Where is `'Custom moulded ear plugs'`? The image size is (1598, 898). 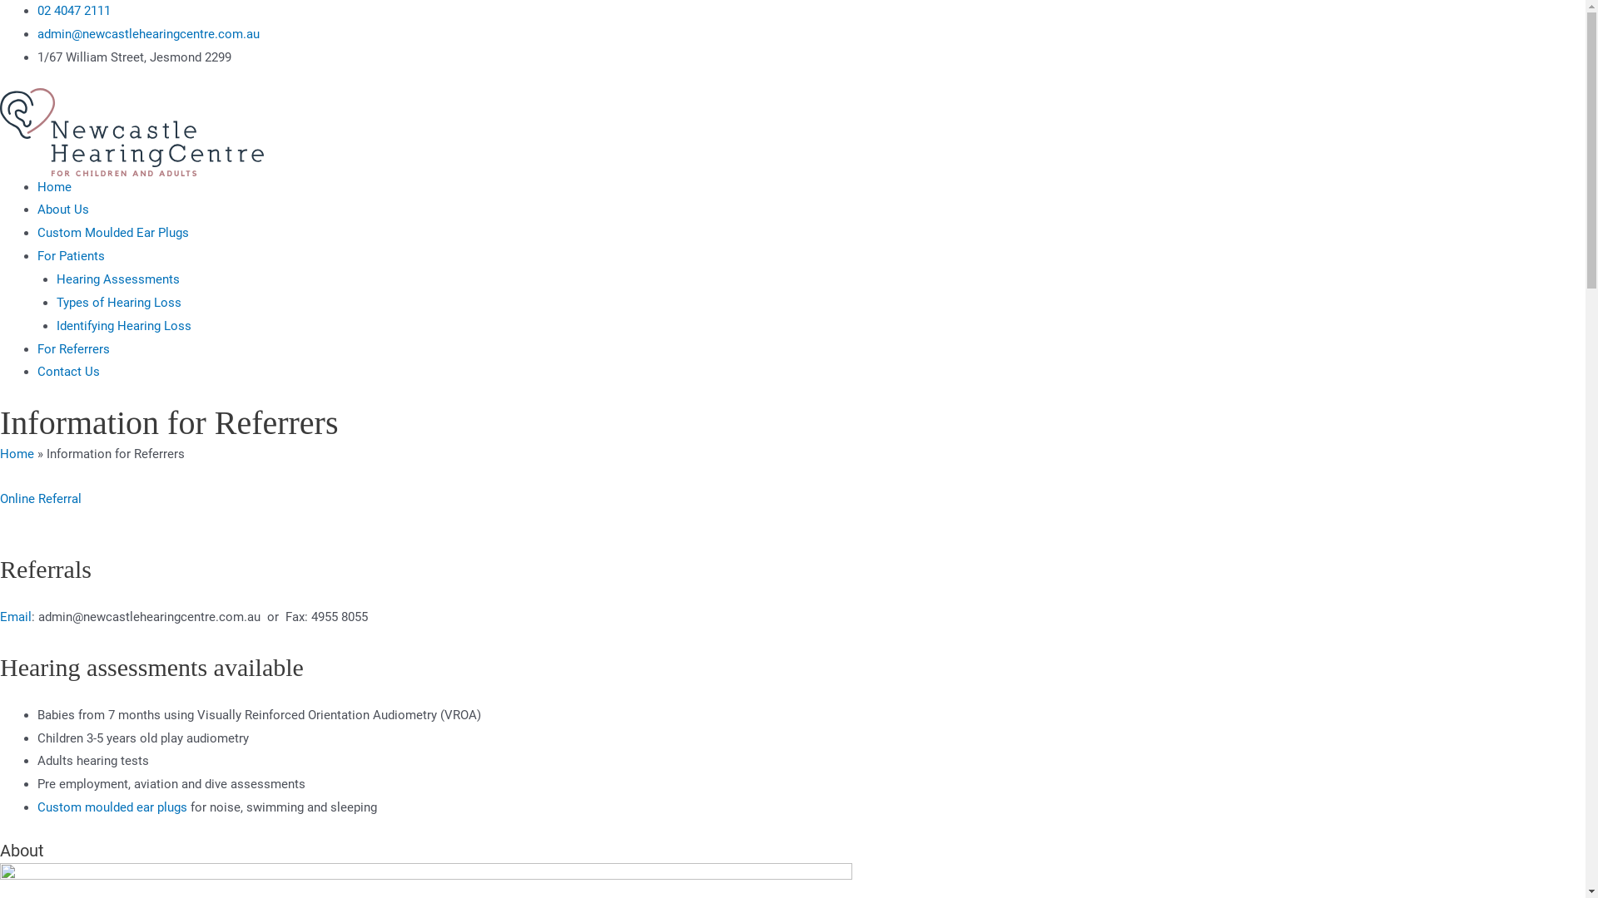 'Custom moulded ear plugs' is located at coordinates (111, 807).